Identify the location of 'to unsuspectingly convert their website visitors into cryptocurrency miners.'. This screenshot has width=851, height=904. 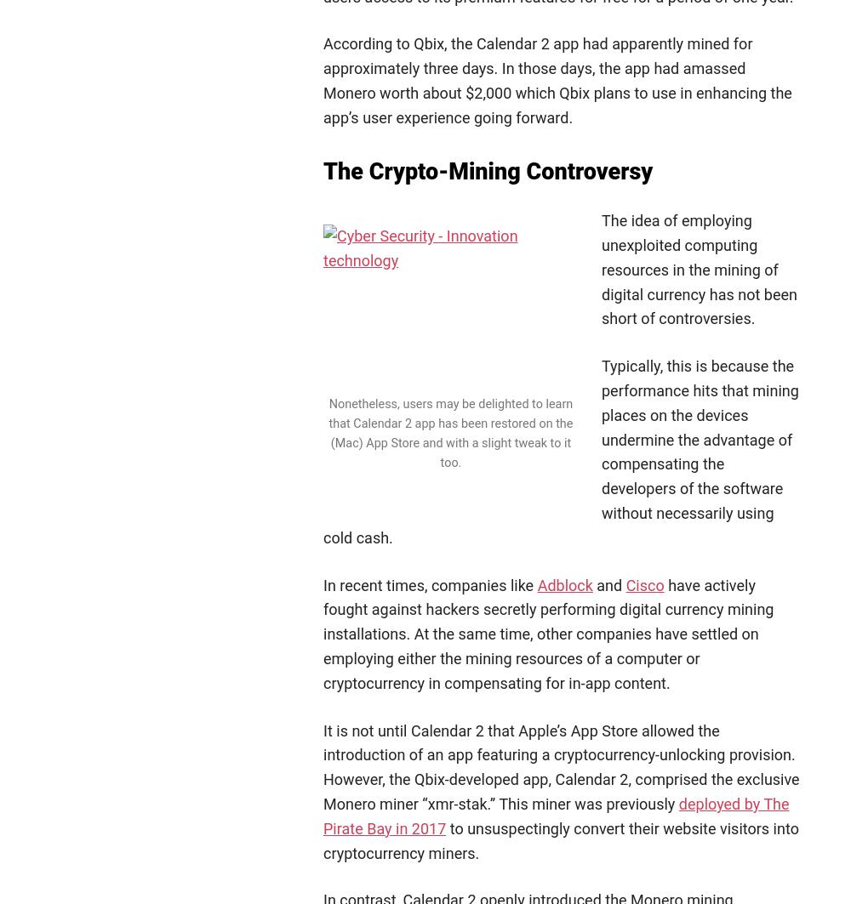
(323, 839).